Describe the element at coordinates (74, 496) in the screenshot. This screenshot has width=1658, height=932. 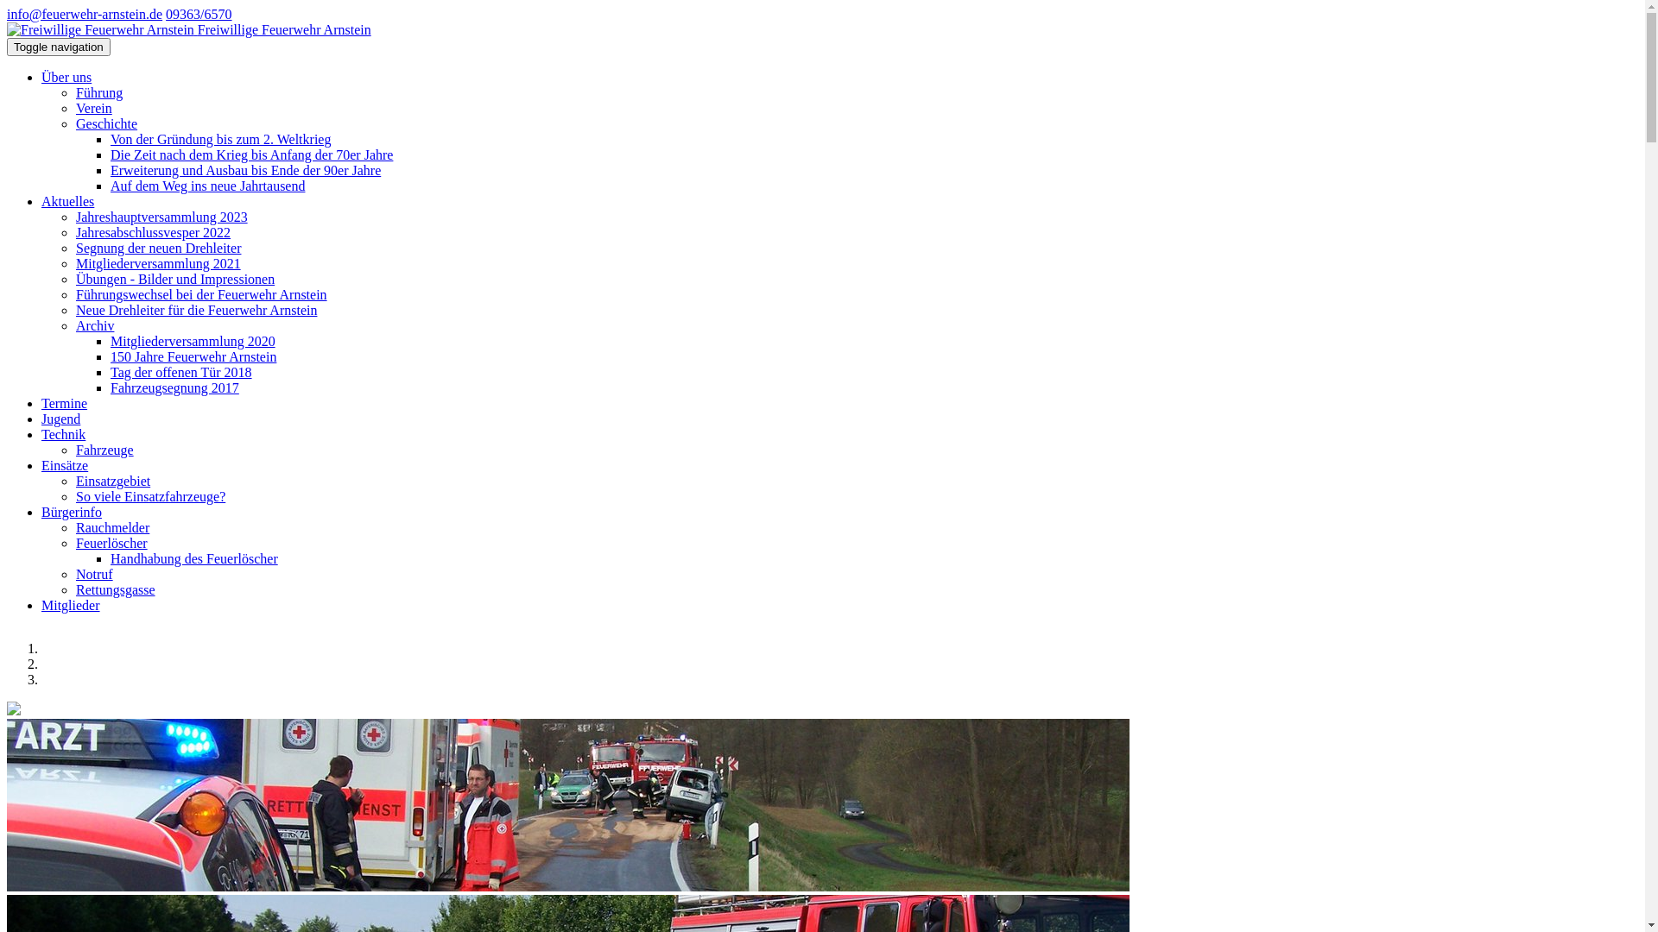
I see `'So viele Einsatzfahrzeuge?'` at that location.